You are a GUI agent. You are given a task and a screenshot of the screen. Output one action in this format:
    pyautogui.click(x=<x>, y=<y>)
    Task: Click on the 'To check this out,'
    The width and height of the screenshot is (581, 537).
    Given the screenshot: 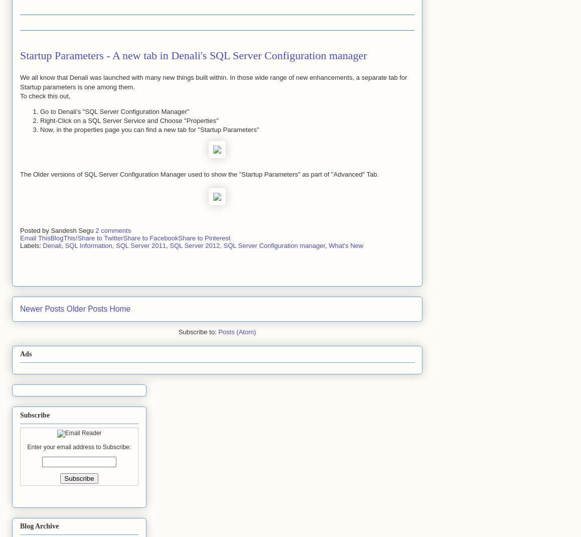 What is the action you would take?
    pyautogui.click(x=45, y=95)
    